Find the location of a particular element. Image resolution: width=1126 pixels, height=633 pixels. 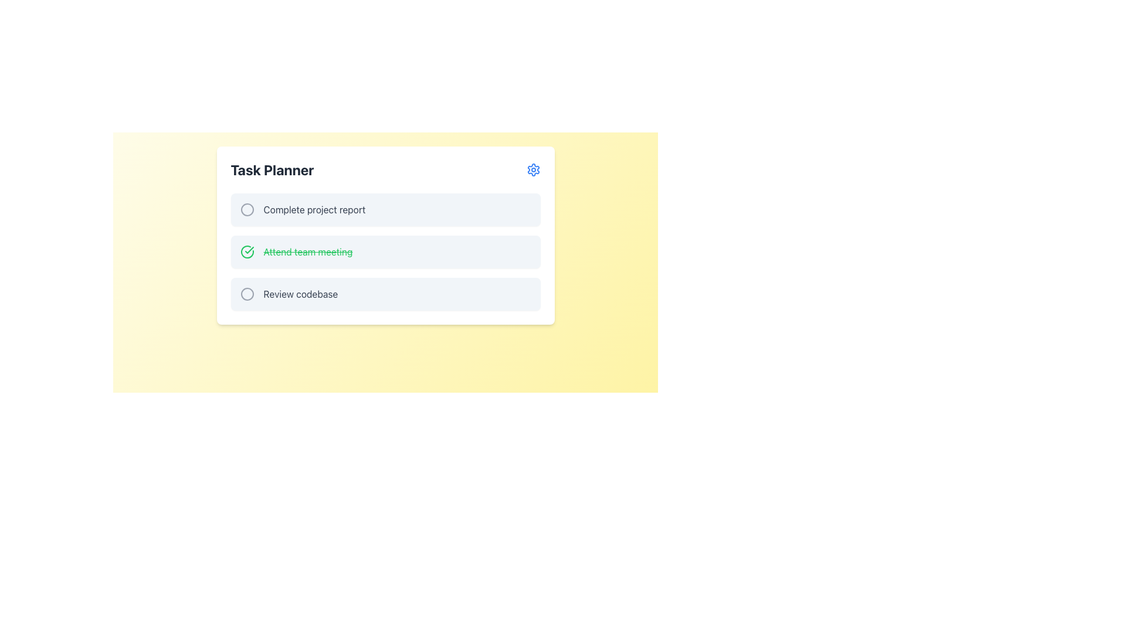

the settings gear icon for the 'Task Planner' is located at coordinates (533, 169).